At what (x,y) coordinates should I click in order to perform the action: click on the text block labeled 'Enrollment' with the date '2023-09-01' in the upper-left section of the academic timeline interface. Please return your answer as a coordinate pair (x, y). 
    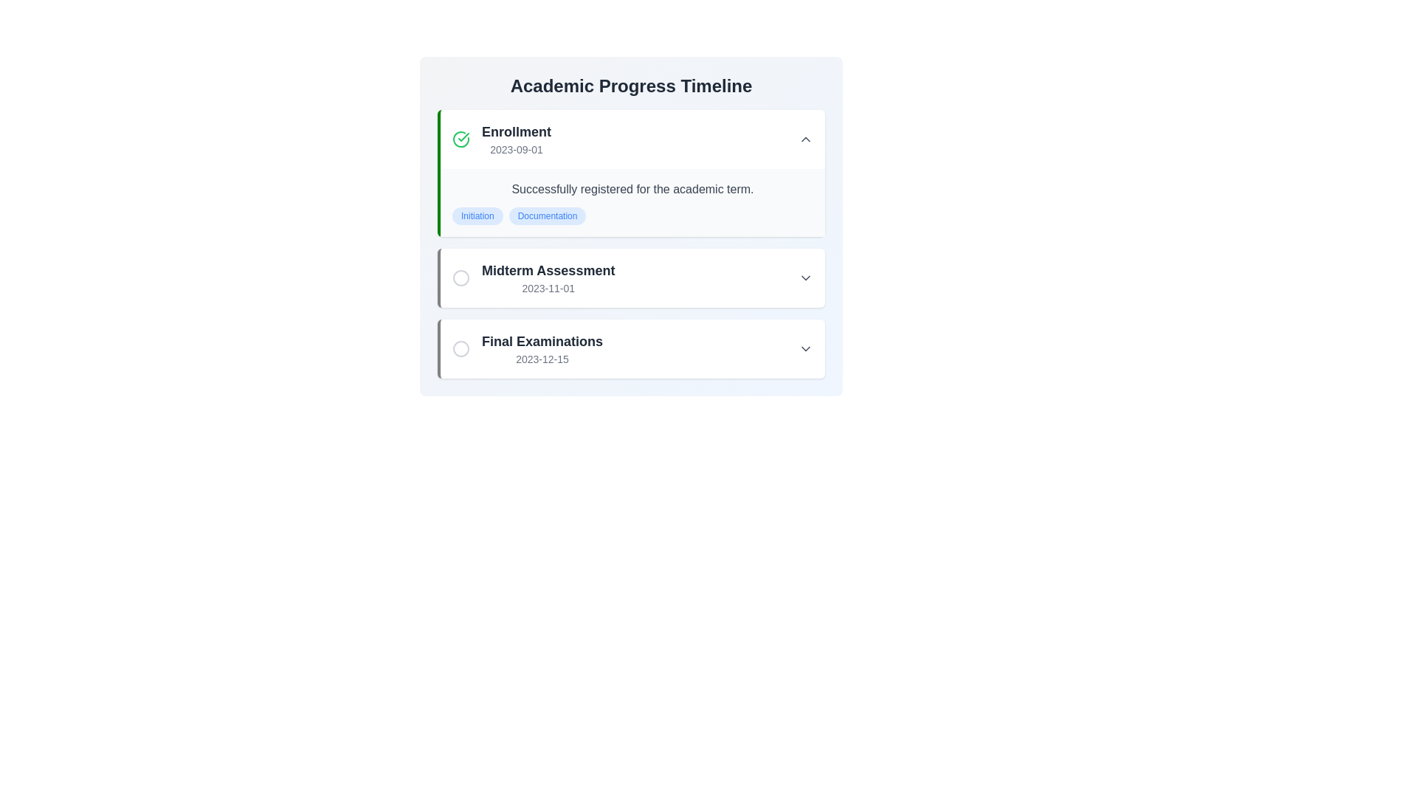
    Looking at the image, I should click on (517, 139).